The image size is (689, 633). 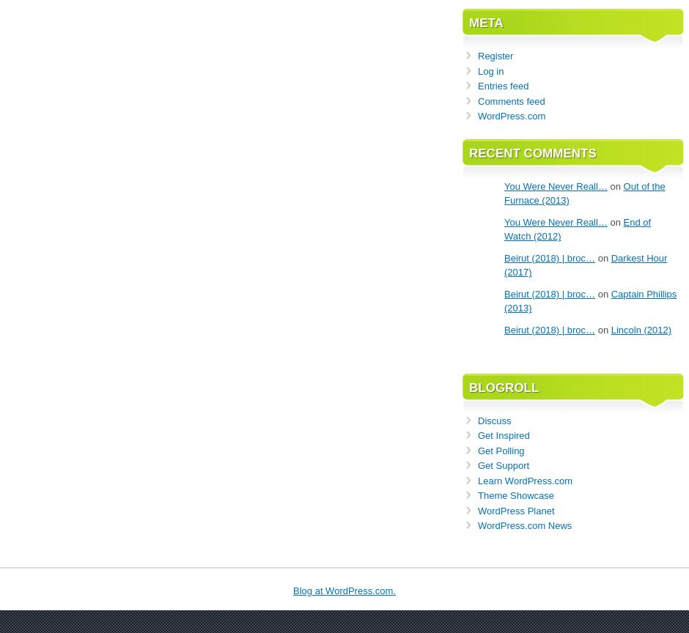 I want to click on 'WordPress.com News', so click(x=524, y=525).